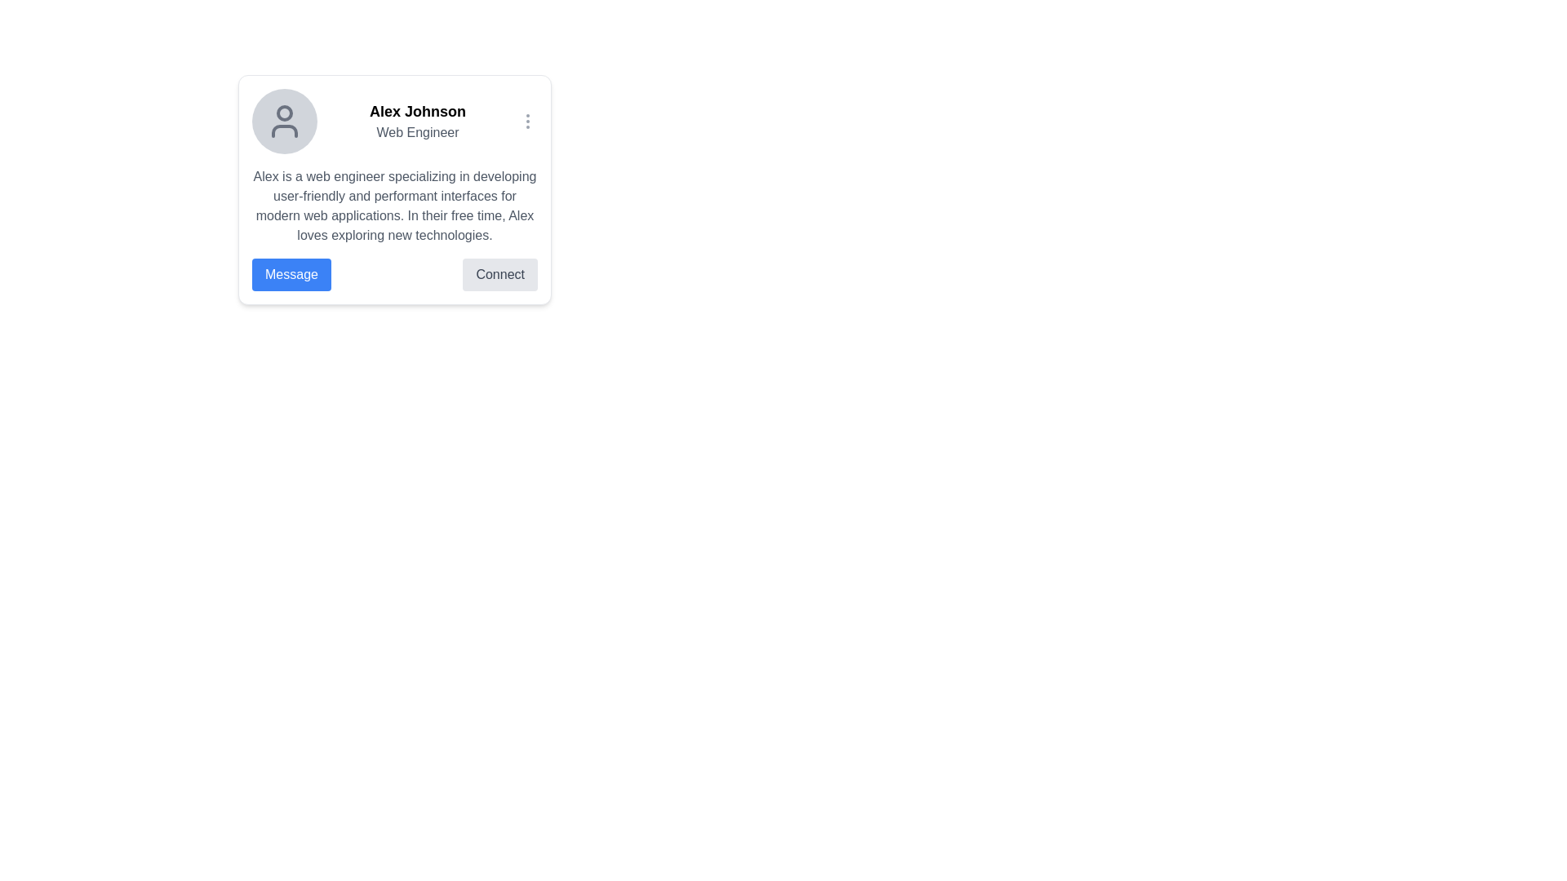 The height and width of the screenshot is (881, 1567). I want to click on the messaging button located to the left of the 'Connect' button, which initiates a messaging interaction with the associated profile, so click(291, 273).